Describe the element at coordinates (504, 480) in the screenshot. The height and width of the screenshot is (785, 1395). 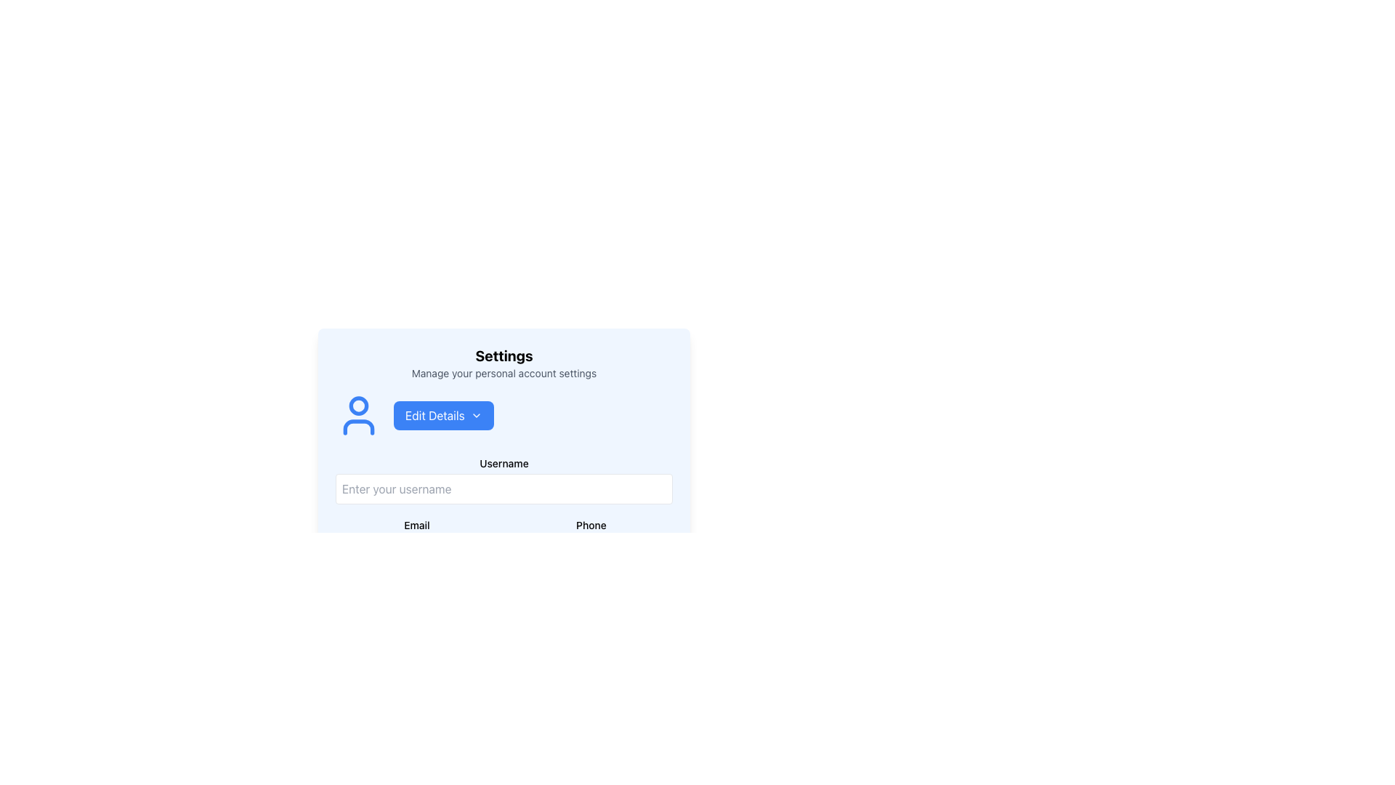
I see `the 'Username' text input field using keyboard tab navigation` at that location.